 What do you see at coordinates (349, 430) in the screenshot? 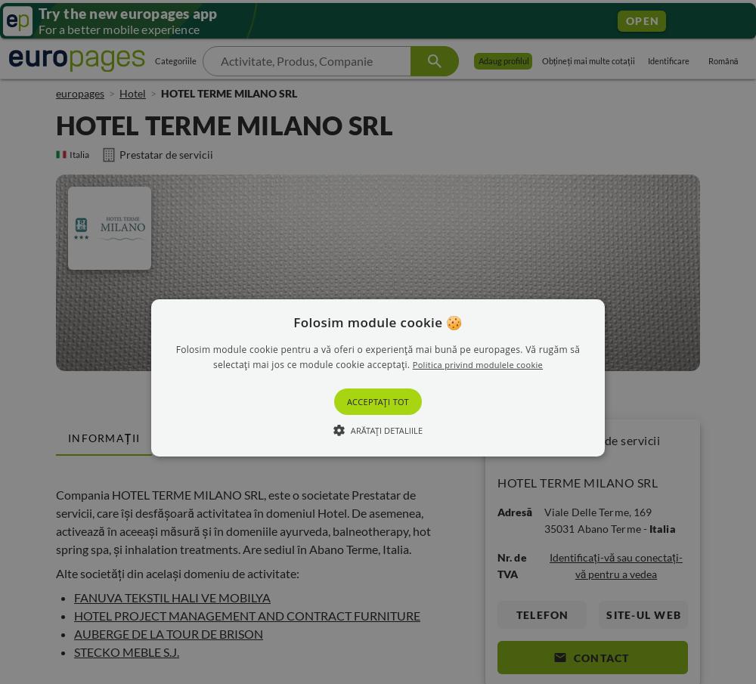
I see `'Arătați detaliile'` at bounding box center [349, 430].